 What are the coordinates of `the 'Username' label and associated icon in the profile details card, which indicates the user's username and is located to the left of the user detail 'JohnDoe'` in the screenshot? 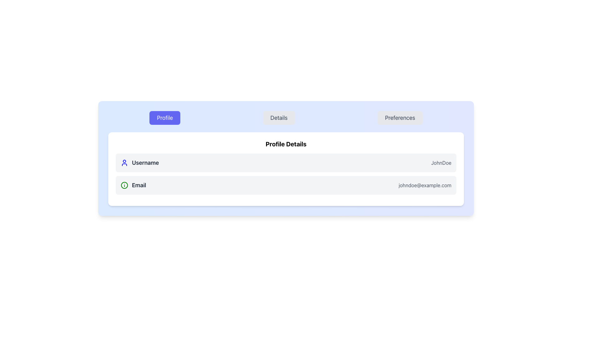 It's located at (139, 162).